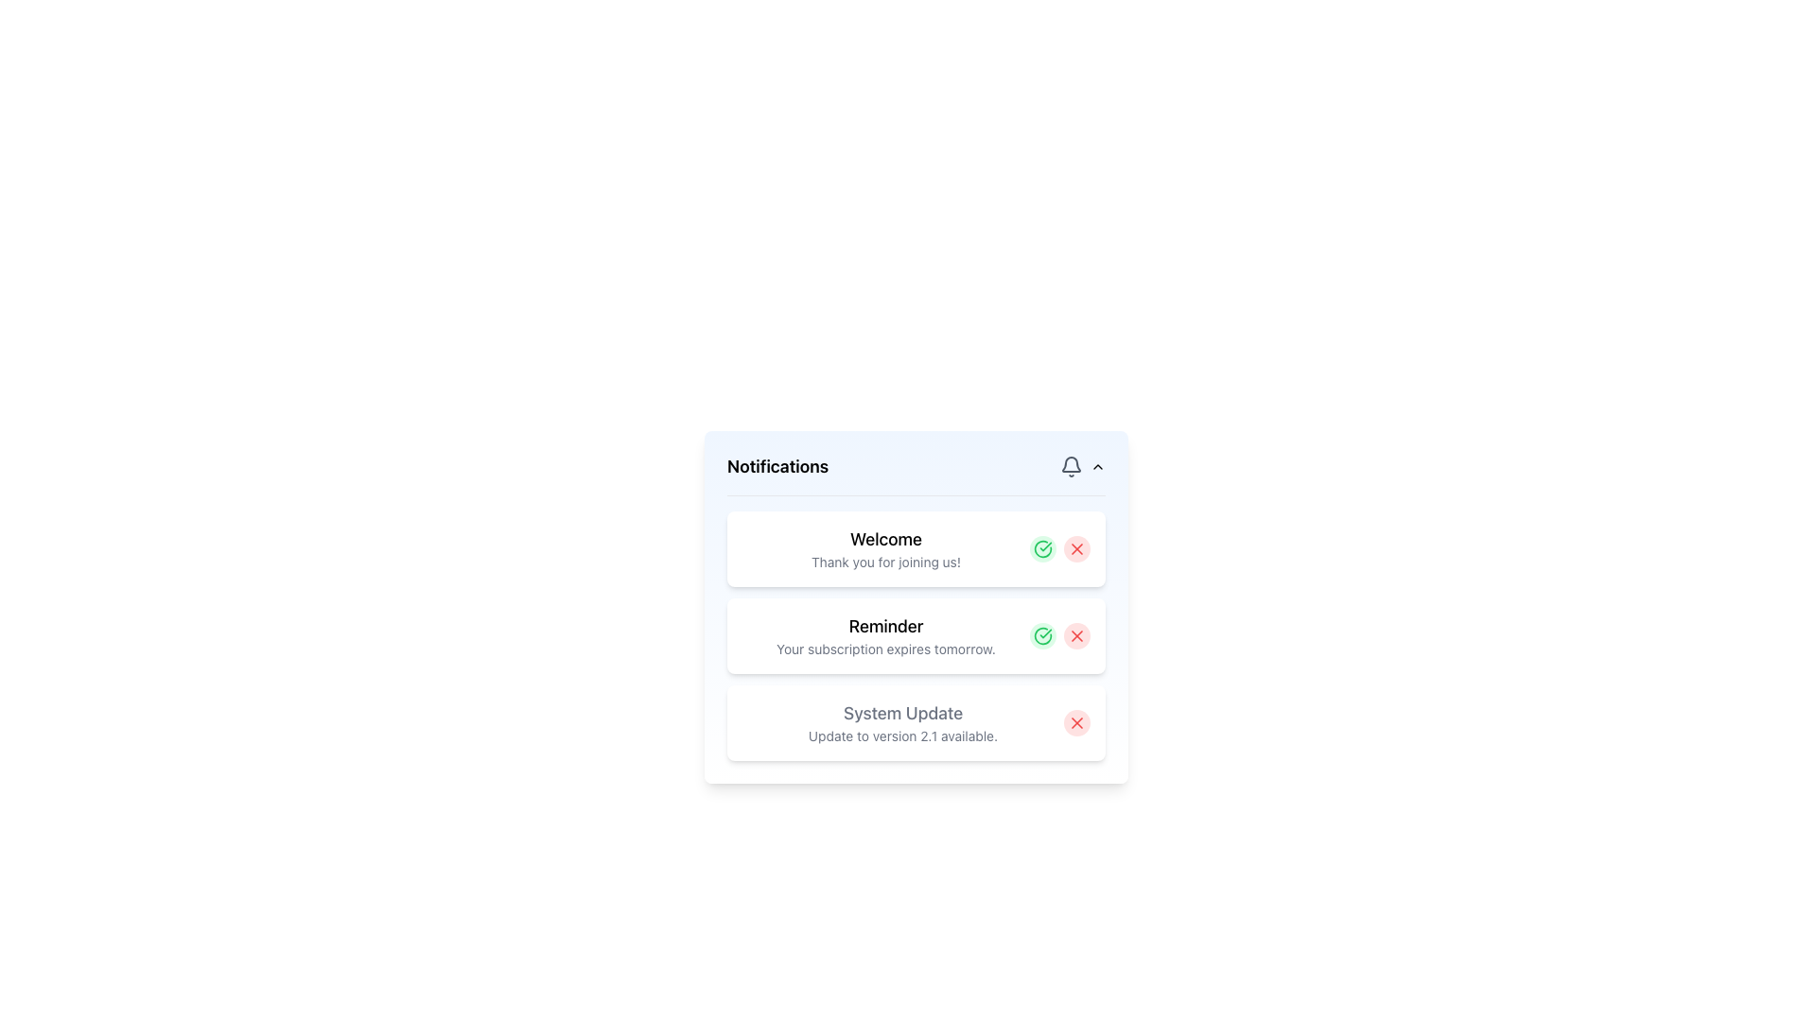 The height and width of the screenshot is (1021, 1816). What do you see at coordinates (1076, 722) in the screenshot?
I see `the dismiss button located on the right side of the 'System Update' notification` at bounding box center [1076, 722].